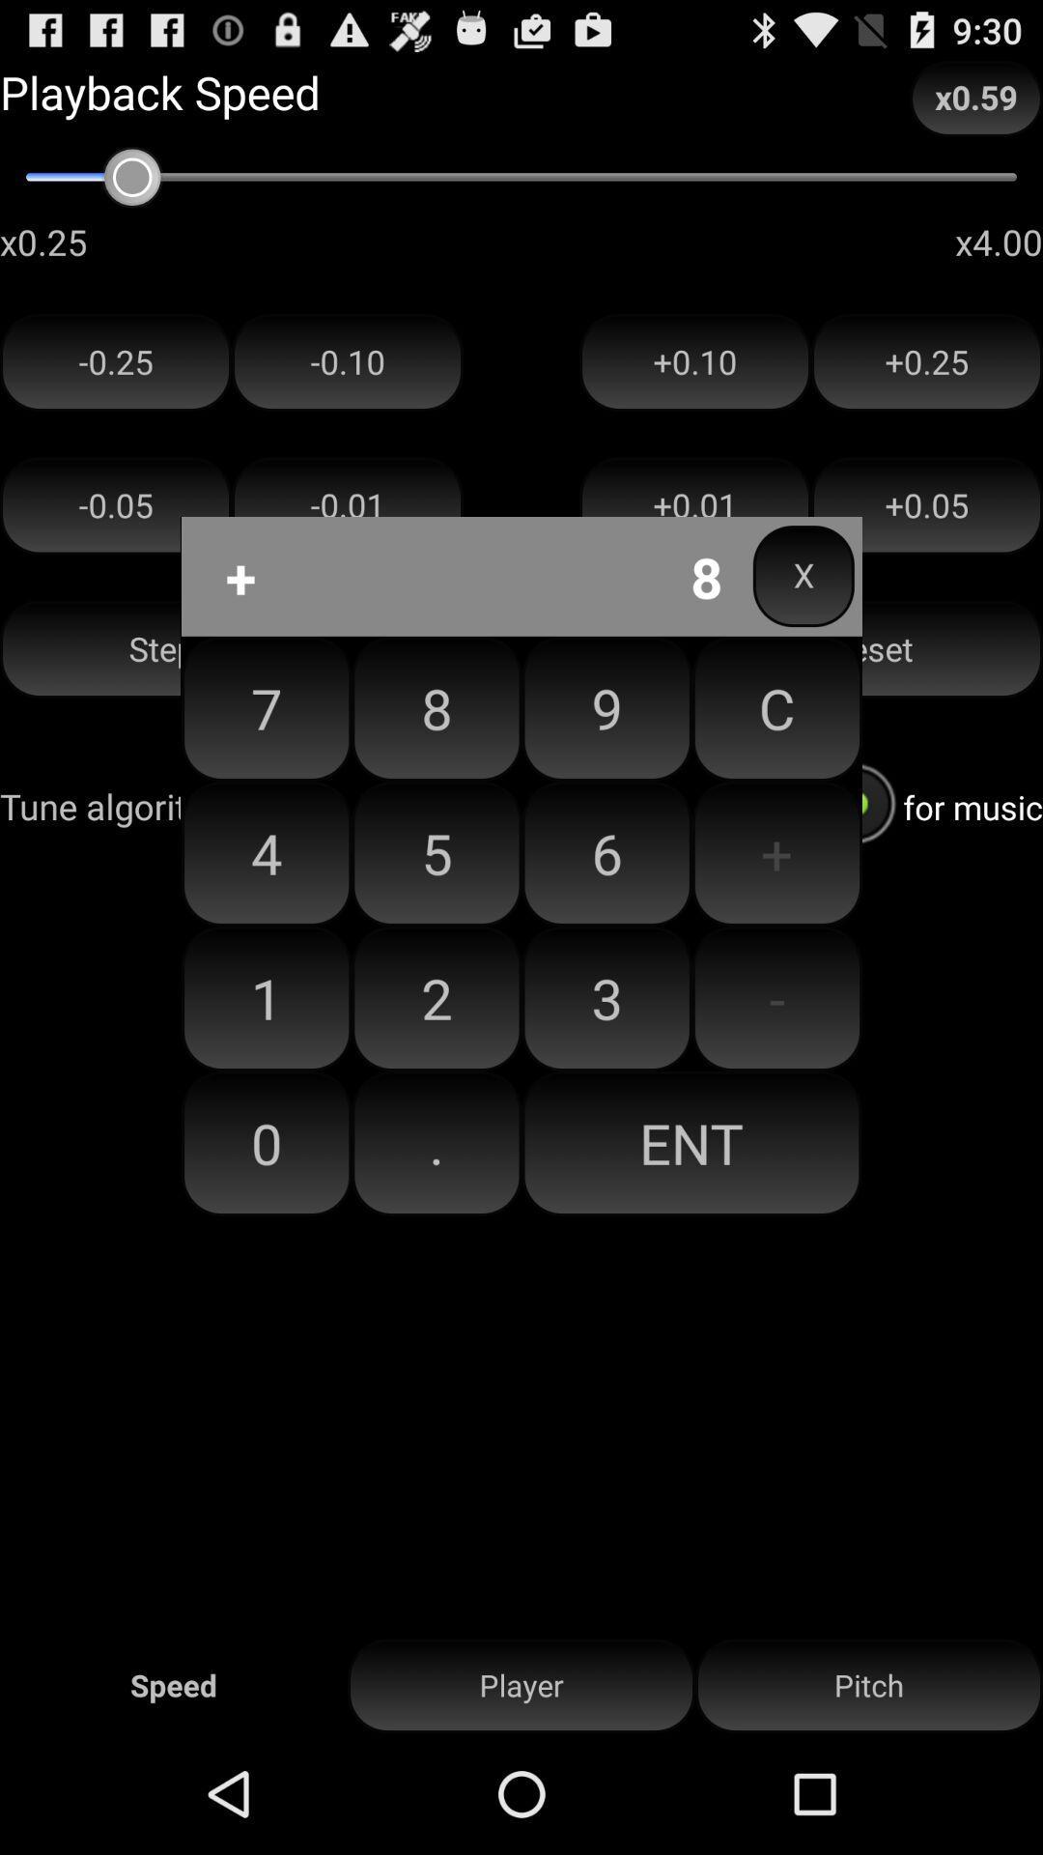  I want to click on the item above the 4 item, so click(266, 707).